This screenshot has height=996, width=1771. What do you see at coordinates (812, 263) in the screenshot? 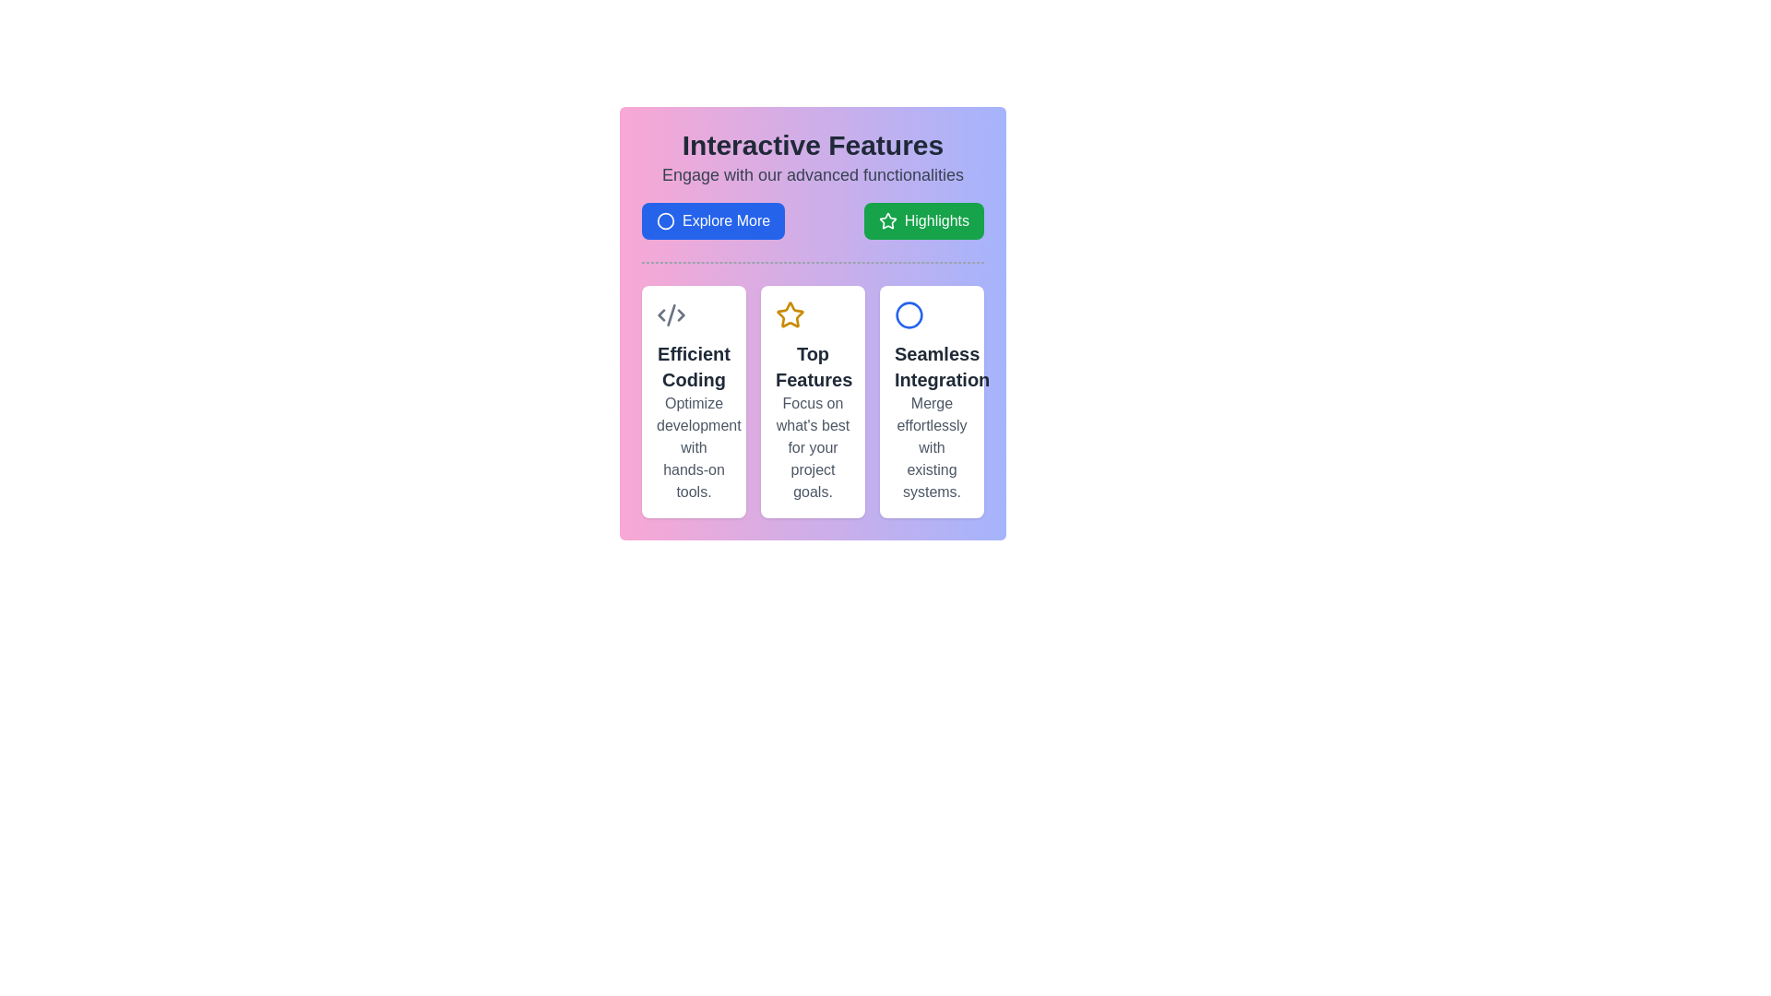
I see `the Divider element that visually separates the button section above from the grid of features below, located horizontally centered below the buttons 'Explore More' and 'Highlights'` at bounding box center [812, 263].